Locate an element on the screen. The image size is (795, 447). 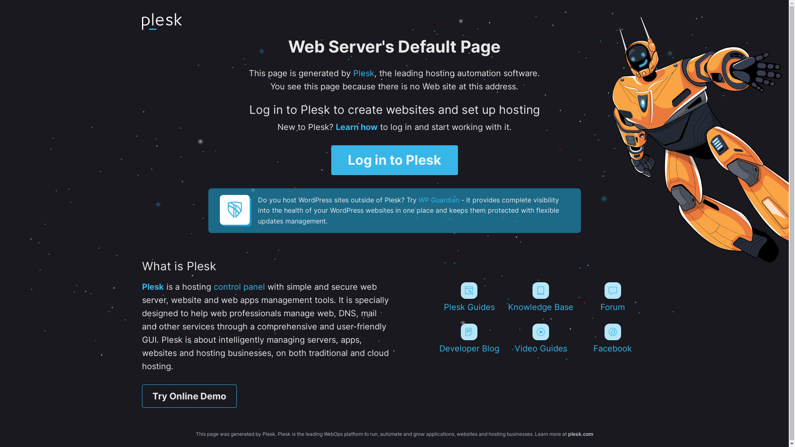
'Log in to Plesk' is located at coordinates (331, 160).